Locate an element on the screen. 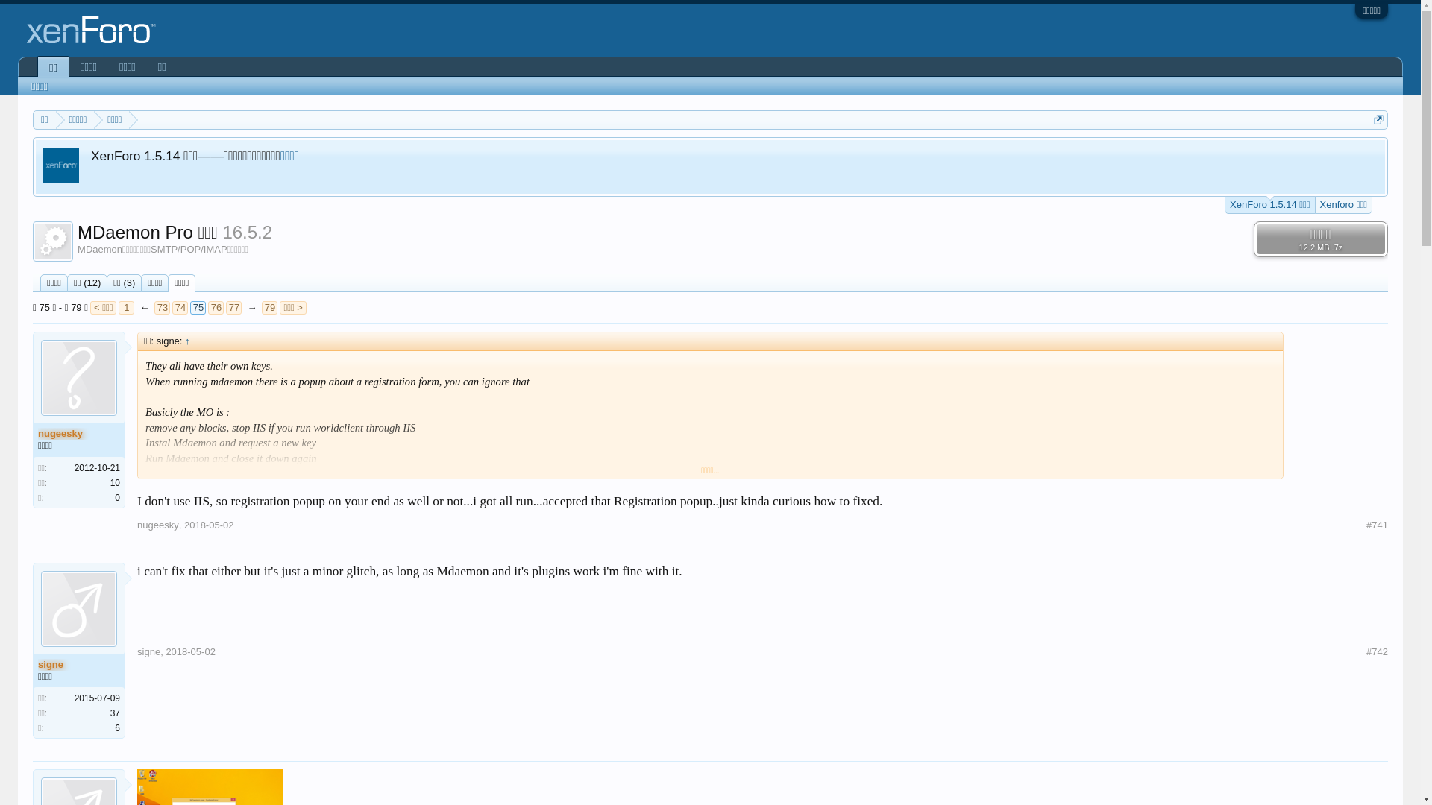 The width and height of the screenshot is (1432, 805). '73' is located at coordinates (162, 306).